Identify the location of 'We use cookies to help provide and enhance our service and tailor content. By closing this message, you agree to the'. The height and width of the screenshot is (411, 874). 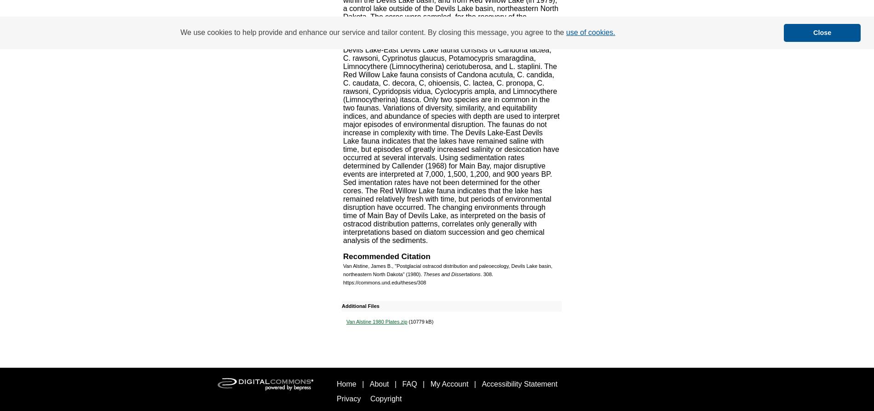
(179, 32).